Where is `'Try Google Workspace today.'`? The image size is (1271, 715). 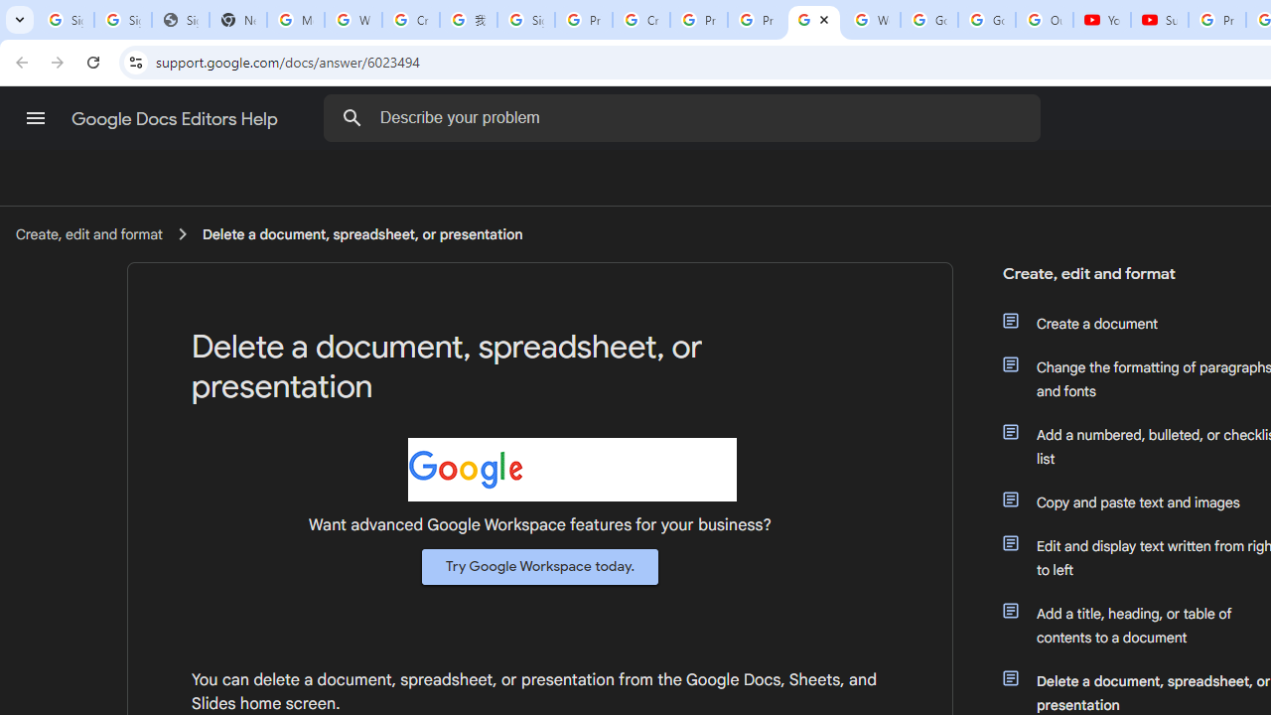 'Try Google Workspace today.' is located at coordinates (540, 566).